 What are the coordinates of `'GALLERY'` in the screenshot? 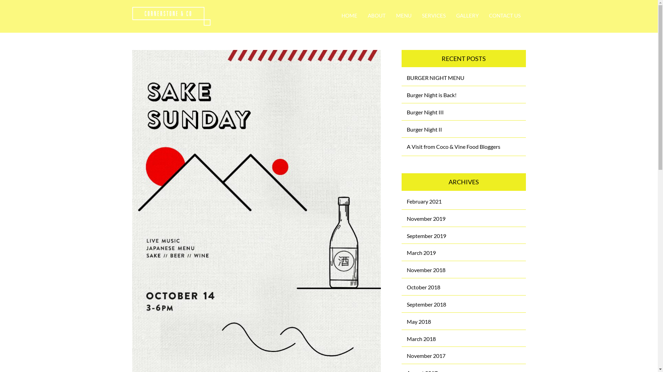 It's located at (467, 15).